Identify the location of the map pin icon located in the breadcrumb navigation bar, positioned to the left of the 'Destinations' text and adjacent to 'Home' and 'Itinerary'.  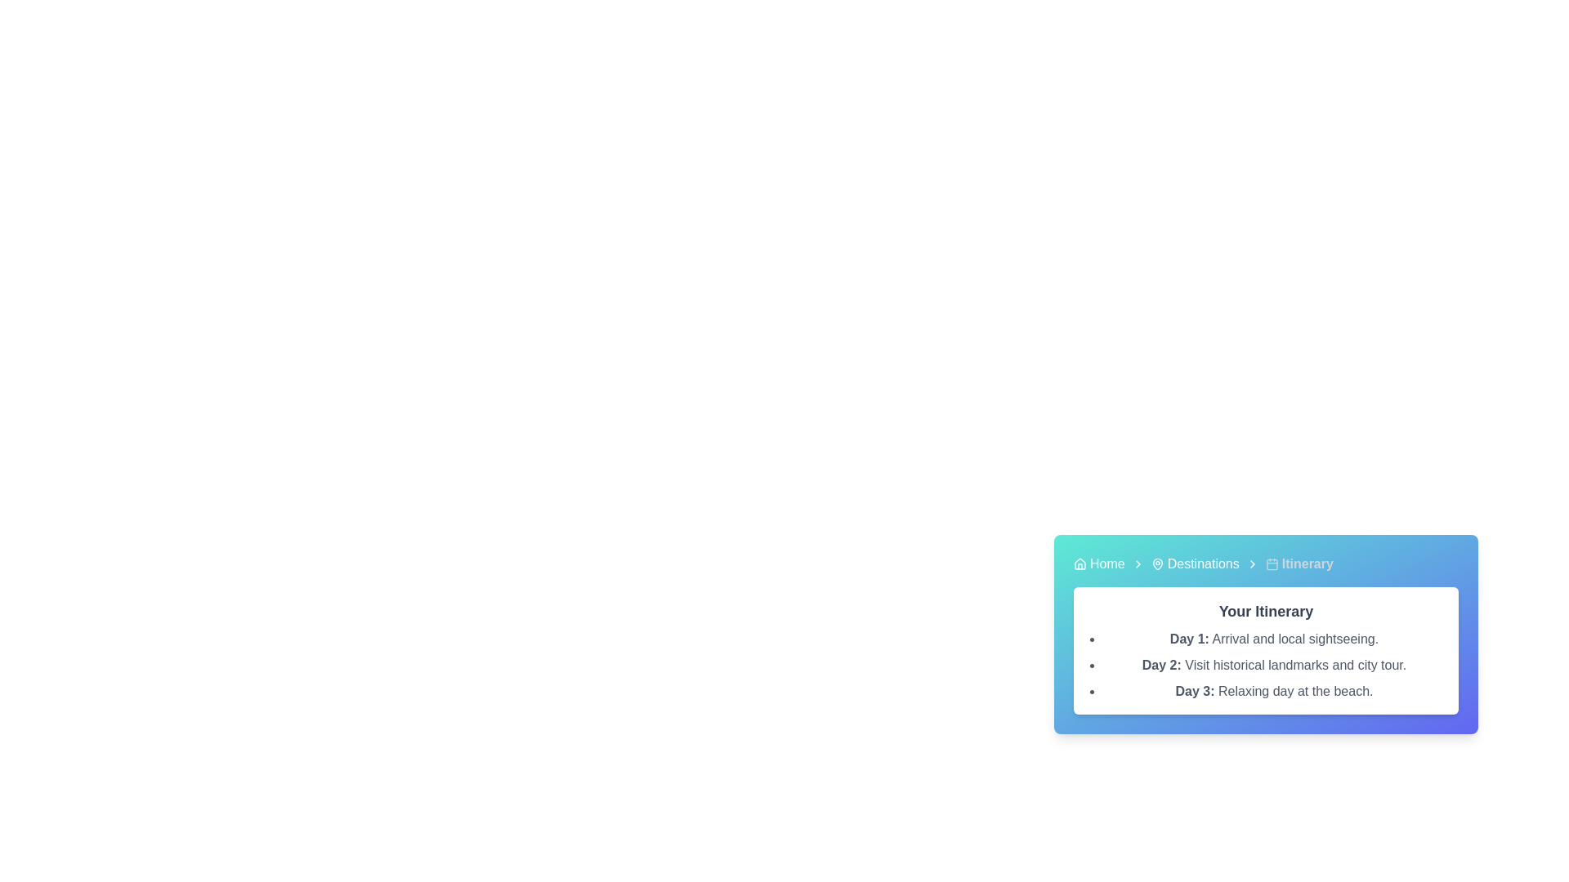
(1156, 563).